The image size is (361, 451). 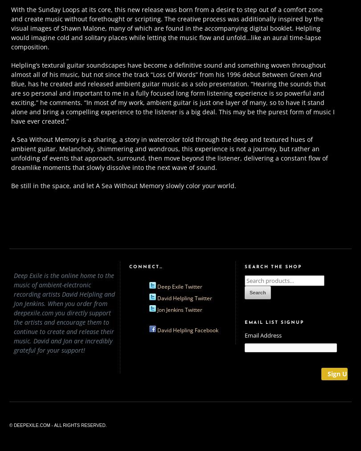 What do you see at coordinates (64, 312) in the screenshot?
I see `'Deep Exile is the online home to the music of ambient-electronic recording artists David Helpling and Jon Jenkins.  When you order from deepexile.com you directly support the artists and encourage them to continue to create and release their music.  David and Jon are incredibly grateful for your support!'` at bounding box center [64, 312].